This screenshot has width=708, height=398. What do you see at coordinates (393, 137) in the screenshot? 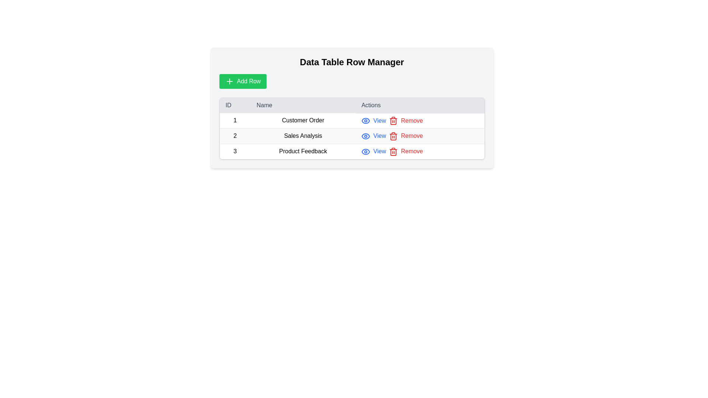
I see `the trash icon in the 'Actions' column of the third row` at bounding box center [393, 137].